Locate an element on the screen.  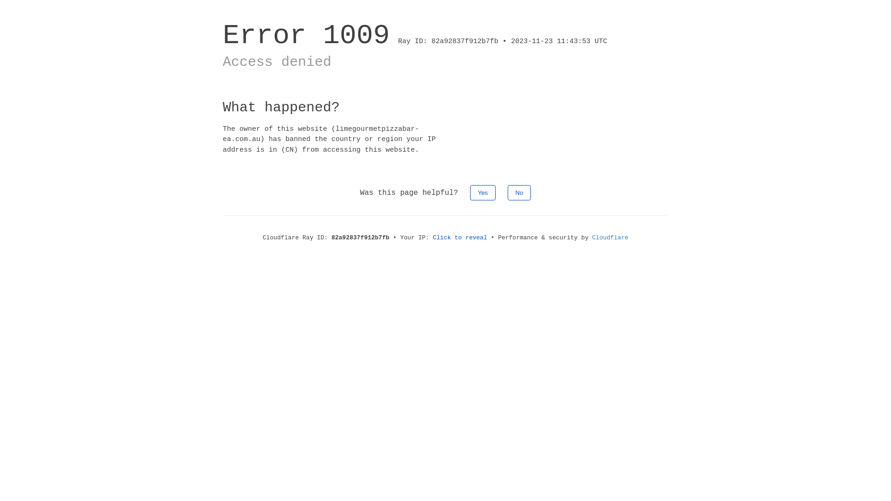
'Click to reveal' is located at coordinates (460, 237).